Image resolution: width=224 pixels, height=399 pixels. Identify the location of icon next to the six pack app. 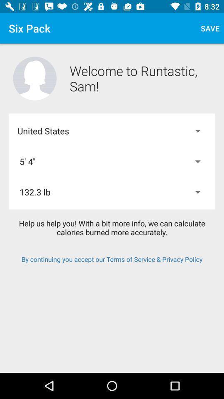
(209, 28).